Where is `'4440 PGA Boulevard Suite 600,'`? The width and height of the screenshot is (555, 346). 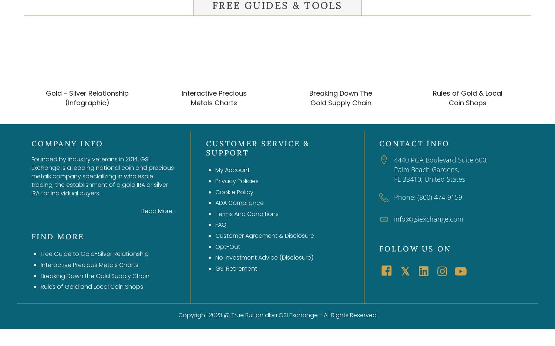
'4440 PGA Boulevard Suite 600,' is located at coordinates (440, 160).